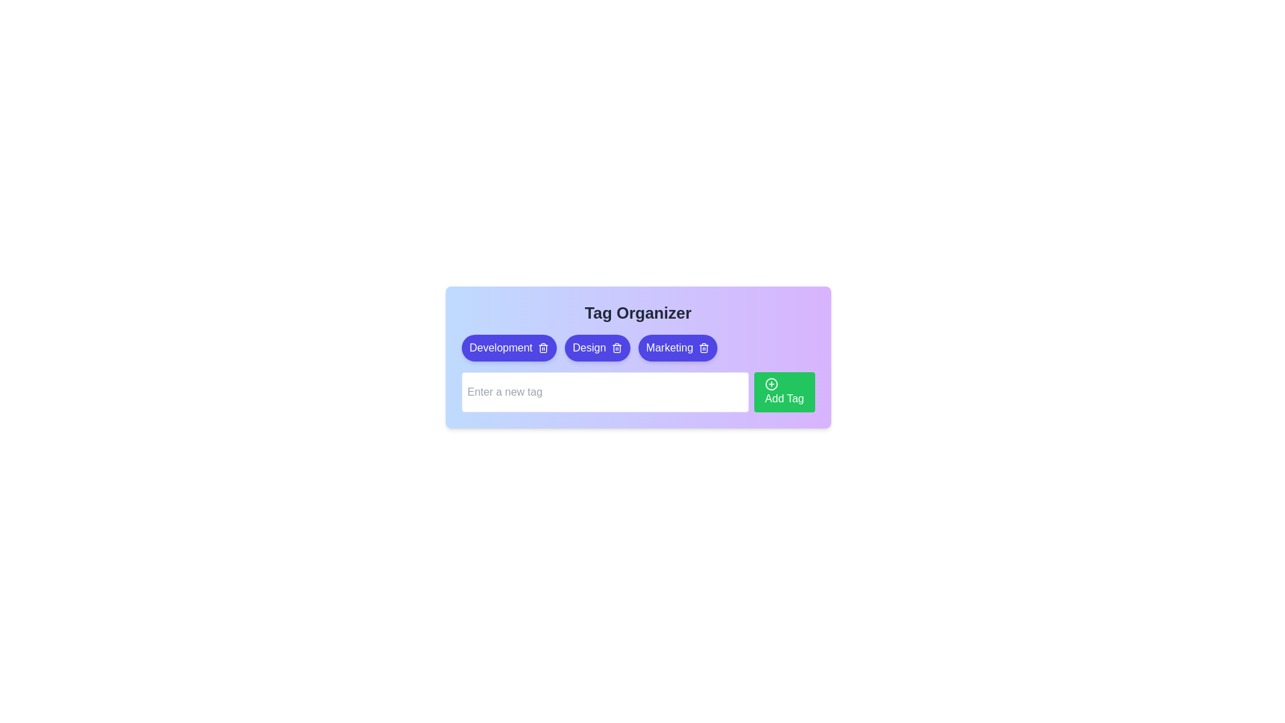 The height and width of the screenshot is (723, 1285). I want to click on the delete icon of the third tag in the 'Tag Organizer' section, so click(677, 347).